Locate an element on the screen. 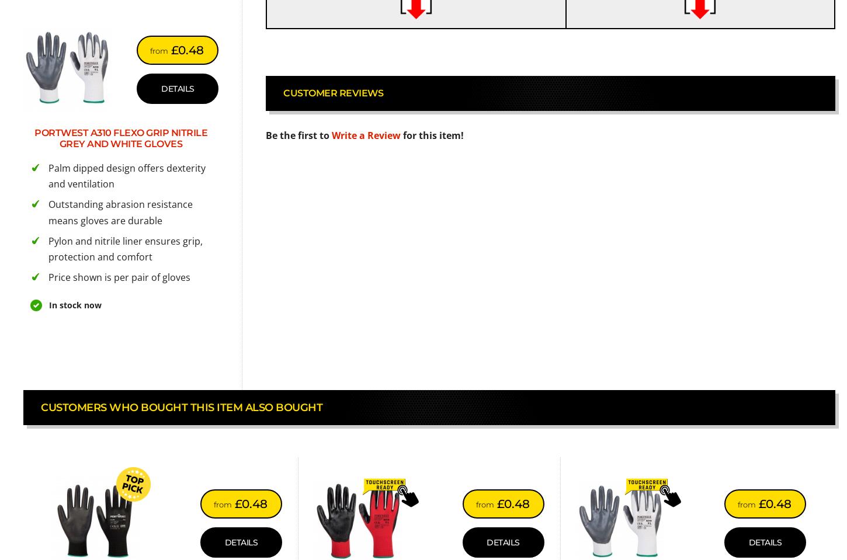 This screenshot has width=847, height=560. 'In stock now' is located at coordinates (75, 305).